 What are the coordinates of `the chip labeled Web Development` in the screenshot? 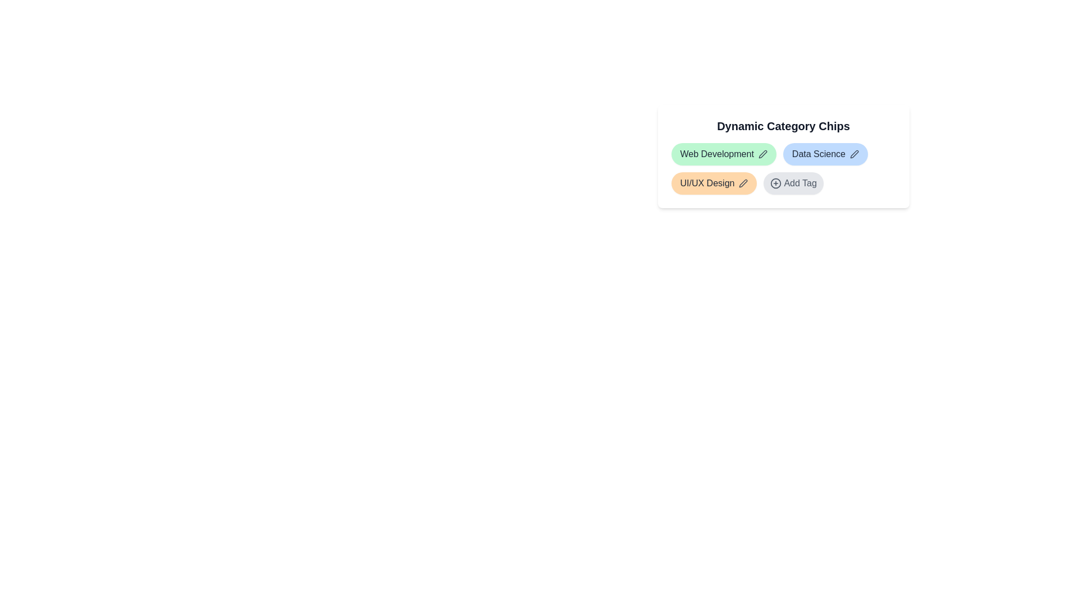 It's located at (724, 154).